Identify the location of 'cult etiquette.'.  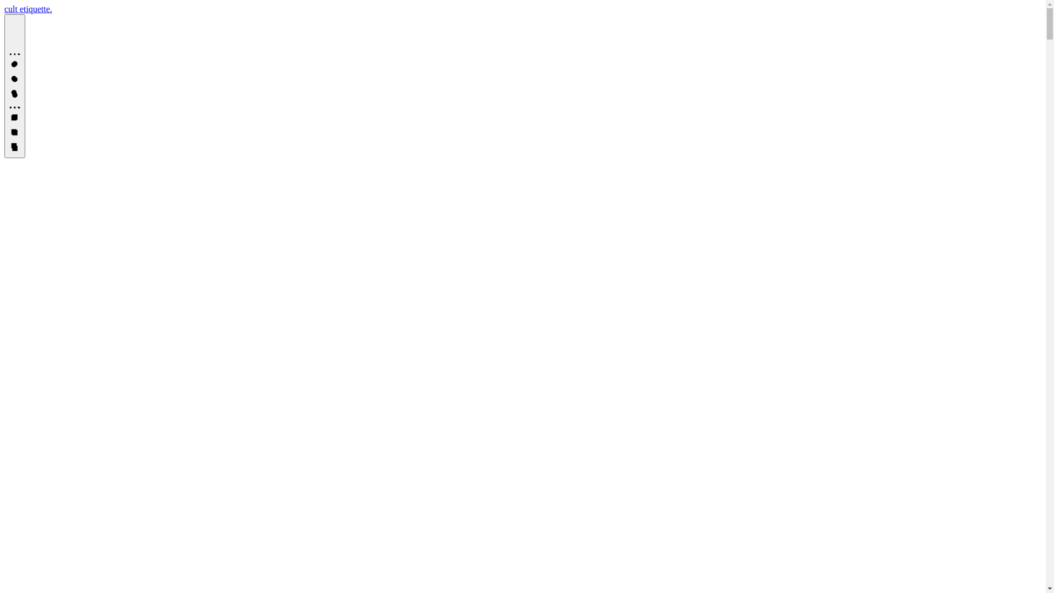
(28, 9).